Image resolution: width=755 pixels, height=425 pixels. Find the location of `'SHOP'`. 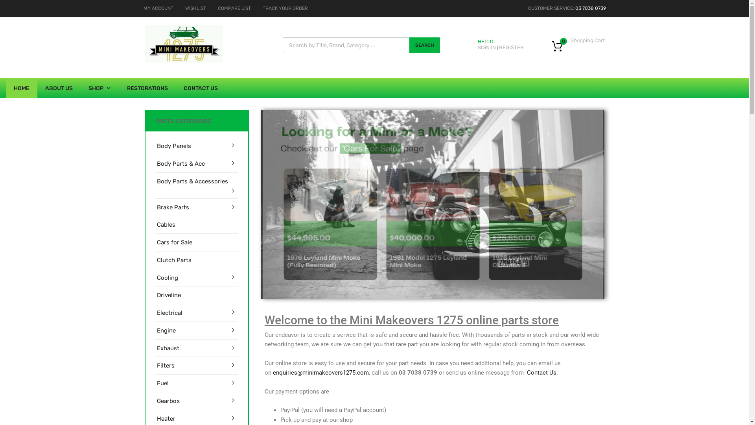

'SHOP' is located at coordinates (99, 88).